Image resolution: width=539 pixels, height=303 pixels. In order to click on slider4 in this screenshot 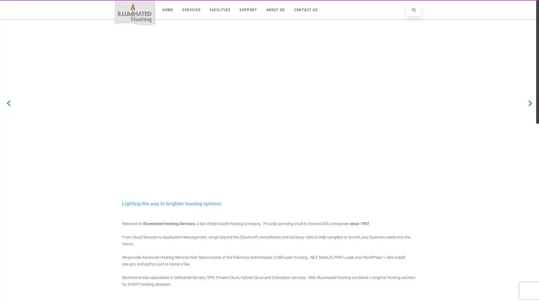, I will do `click(277, 181)`.